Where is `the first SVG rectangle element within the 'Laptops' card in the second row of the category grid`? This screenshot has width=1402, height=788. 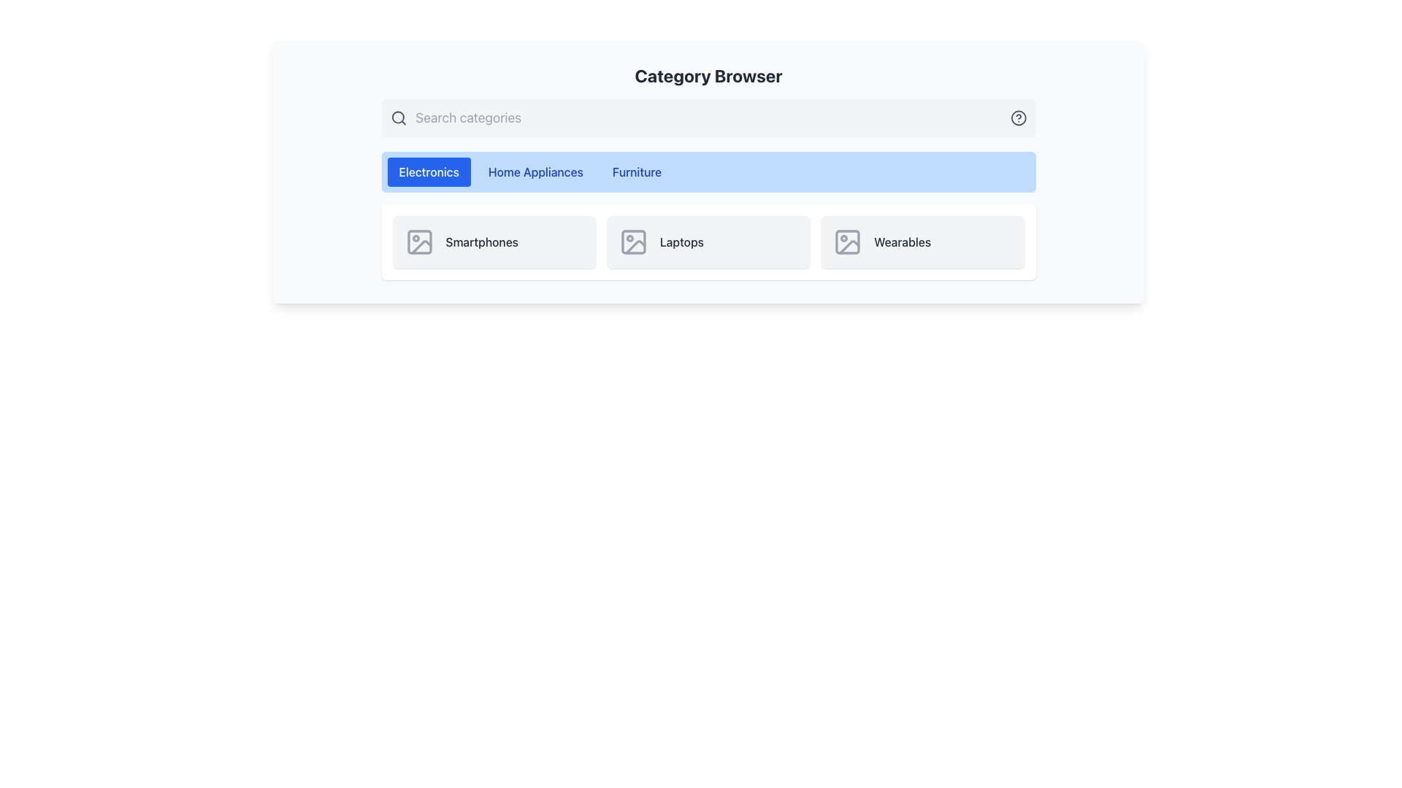
the first SVG rectangle element within the 'Laptops' card in the second row of the category grid is located at coordinates (633, 241).